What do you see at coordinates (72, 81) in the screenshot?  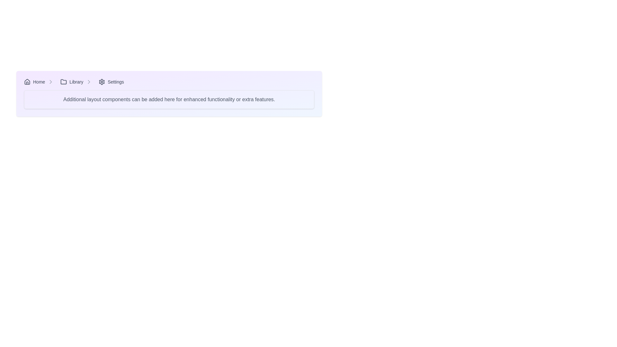 I see `the text 'Library' hyperlink` at bounding box center [72, 81].